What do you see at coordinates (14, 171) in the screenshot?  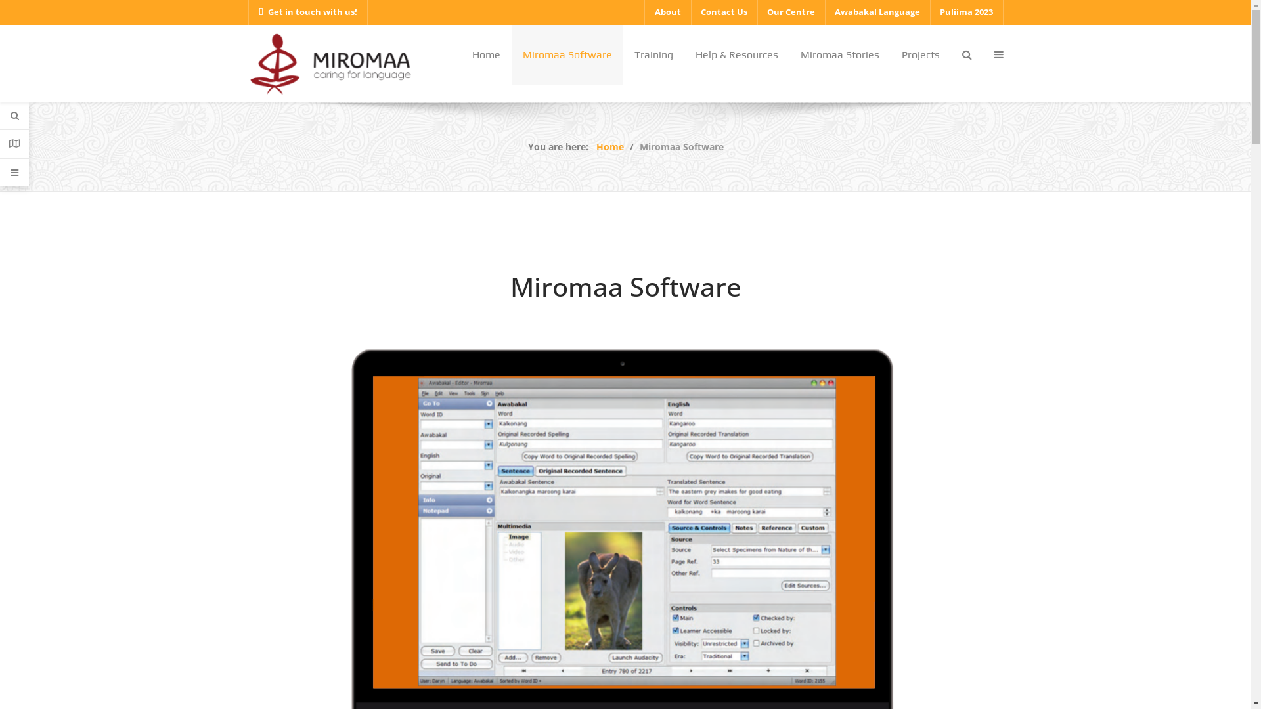 I see `'Support'` at bounding box center [14, 171].